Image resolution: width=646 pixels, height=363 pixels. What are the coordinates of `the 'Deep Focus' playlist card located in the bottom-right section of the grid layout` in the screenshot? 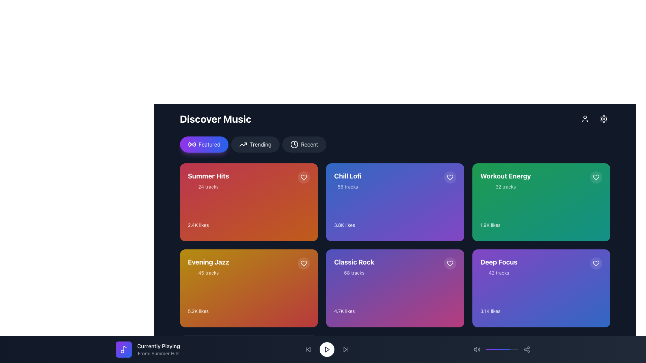 It's located at (541, 288).